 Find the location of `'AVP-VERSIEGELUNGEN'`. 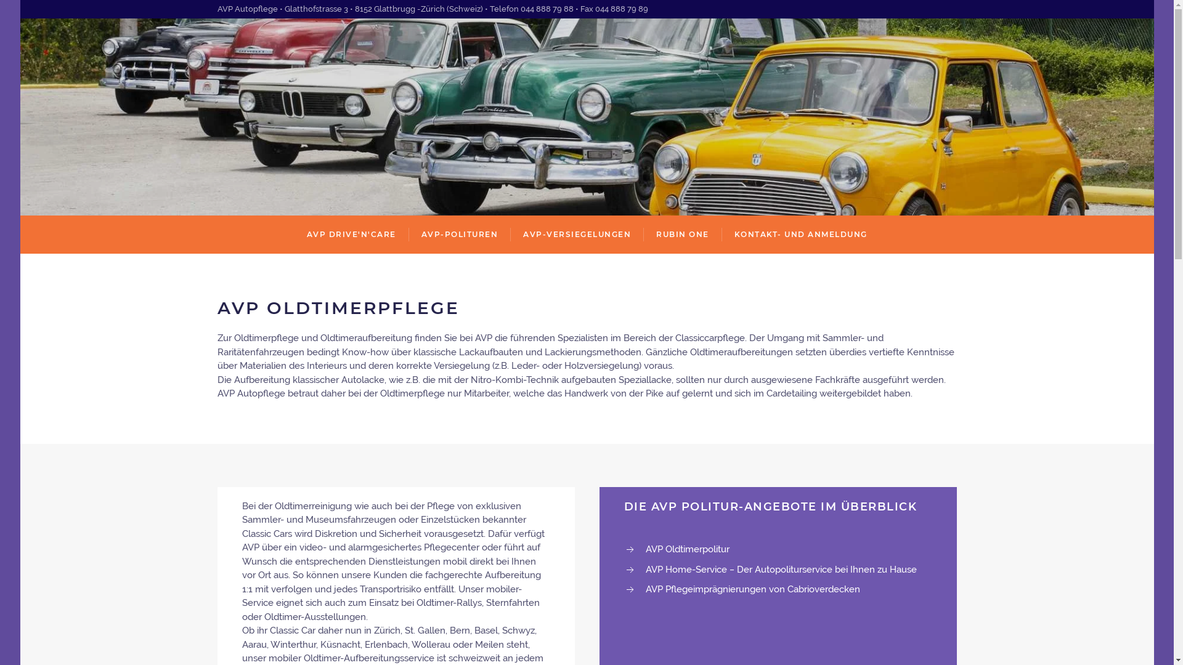

'AVP-VERSIEGELUNGEN' is located at coordinates (576, 235).